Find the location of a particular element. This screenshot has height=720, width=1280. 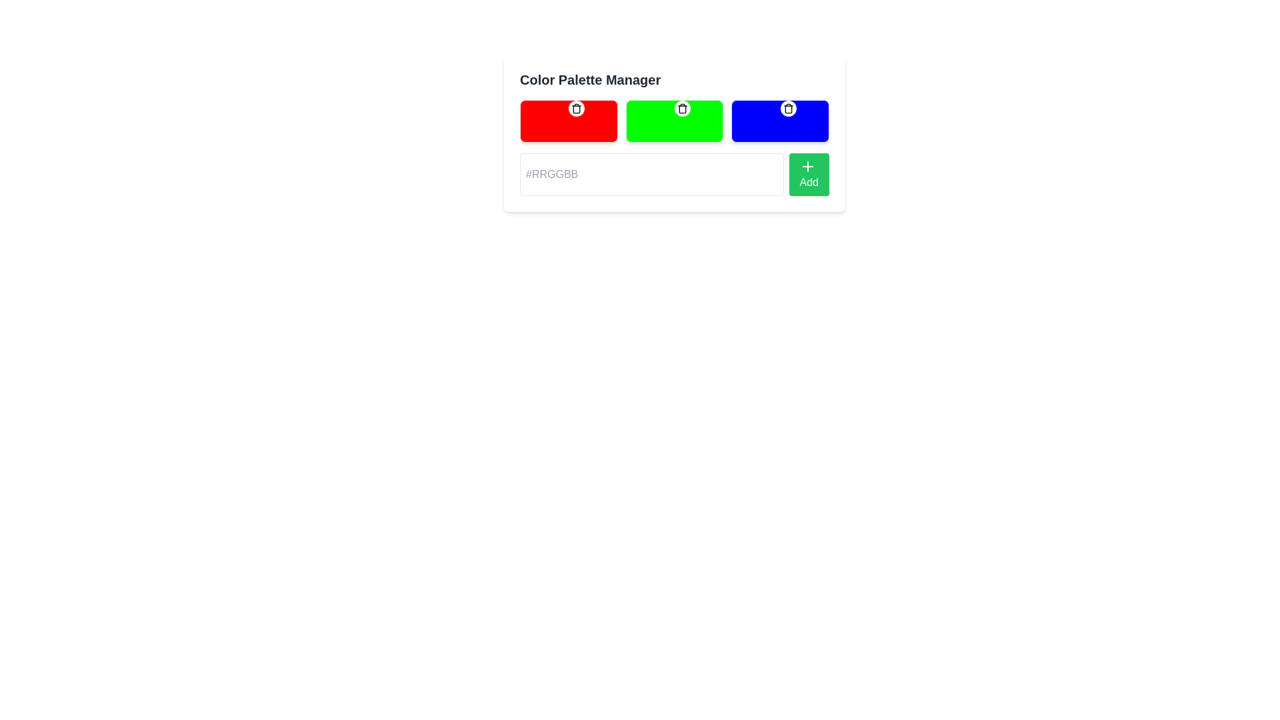

the Color selection block with a red background and a delete button is located at coordinates (569, 121).